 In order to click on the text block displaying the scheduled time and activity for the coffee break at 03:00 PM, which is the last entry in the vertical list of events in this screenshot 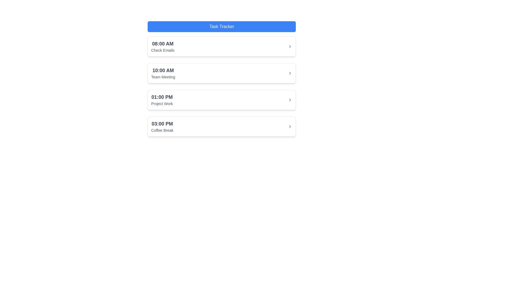, I will do `click(162, 127)`.